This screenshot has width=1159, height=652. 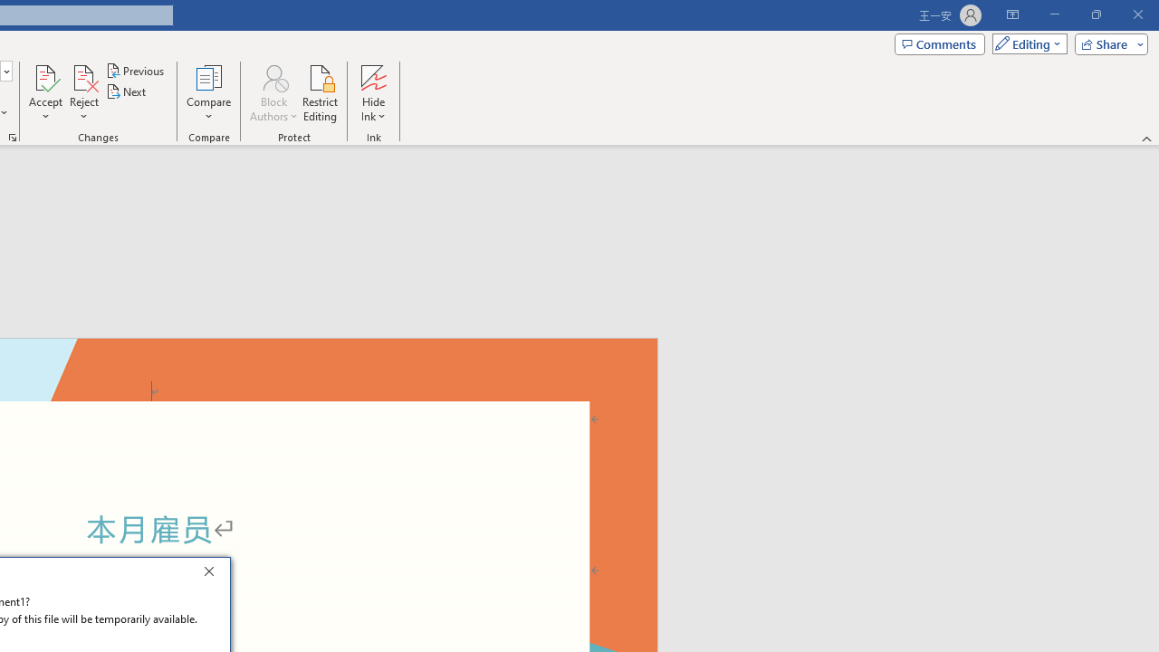 I want to click on 'Next', so click(x=126, y=91).